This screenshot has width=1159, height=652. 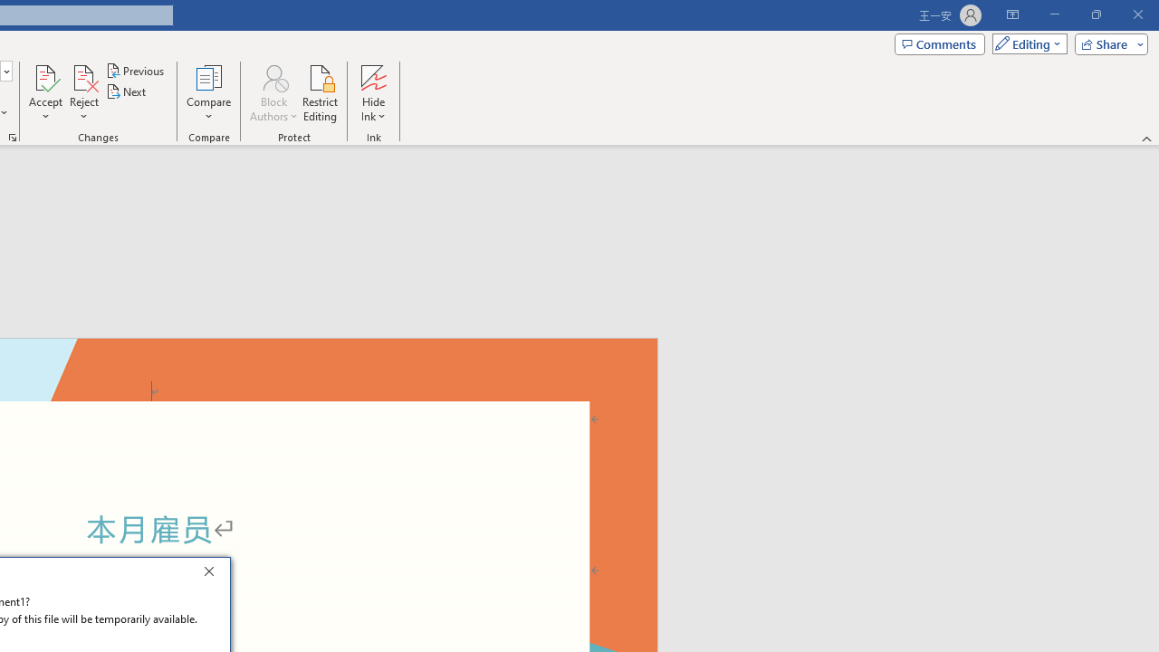 I want to click on 'Next', so click(x=126, y=91).